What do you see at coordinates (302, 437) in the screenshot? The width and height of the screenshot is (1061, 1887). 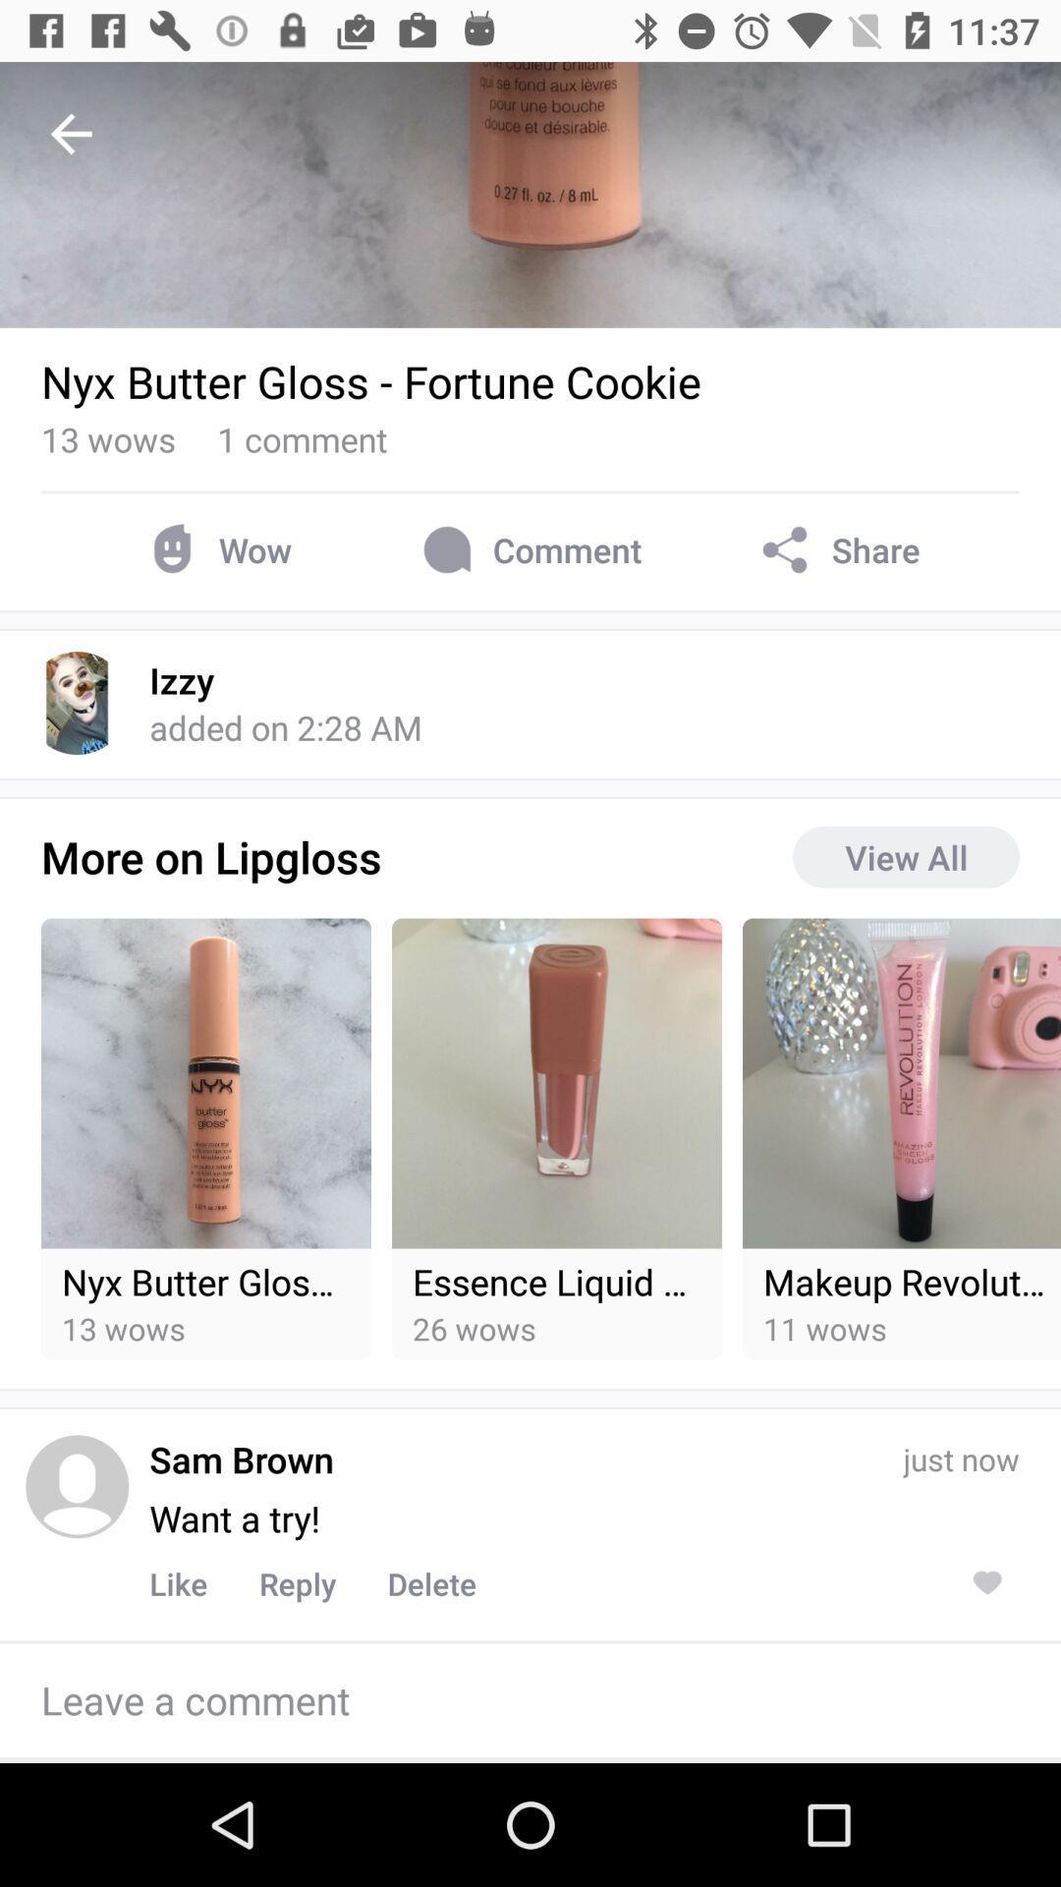 I see `1 comment icon` at bounding box center [302, 437].